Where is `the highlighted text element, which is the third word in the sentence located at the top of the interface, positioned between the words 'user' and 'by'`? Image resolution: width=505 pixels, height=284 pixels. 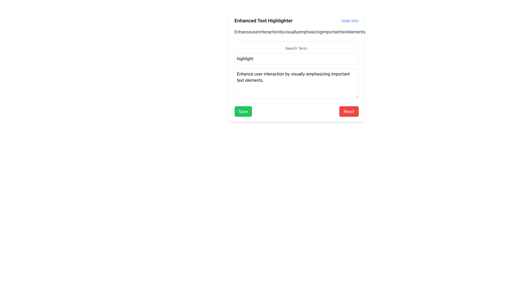 the highlighted text element, which is the third word in the sentence located at the top of the interface, positioned between the words 'user' and 'by' is located at coordinates (269, 32).